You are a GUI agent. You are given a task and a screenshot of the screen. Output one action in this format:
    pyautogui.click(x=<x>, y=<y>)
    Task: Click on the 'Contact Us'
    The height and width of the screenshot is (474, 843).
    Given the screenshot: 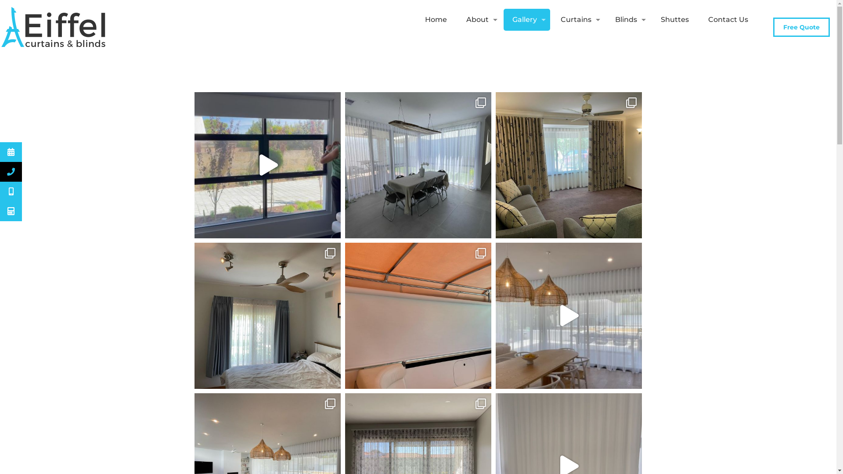 What is the action you would take?
    pyautogui.click(x=728, y=20)
    